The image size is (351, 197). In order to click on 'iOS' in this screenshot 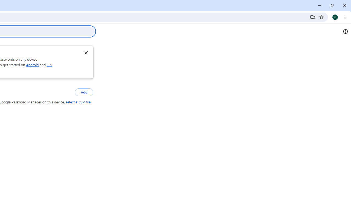, I will do `click(49, 64)`.